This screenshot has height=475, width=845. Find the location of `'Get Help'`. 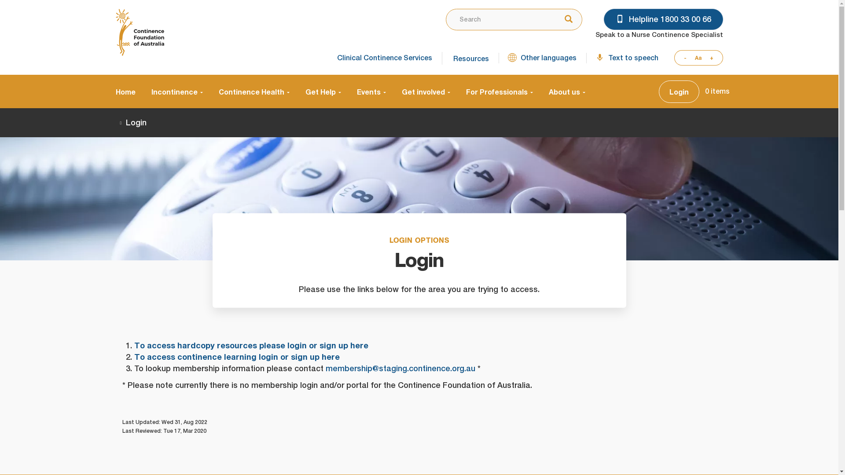

'Get Help' is located at coordinates (323, 91).